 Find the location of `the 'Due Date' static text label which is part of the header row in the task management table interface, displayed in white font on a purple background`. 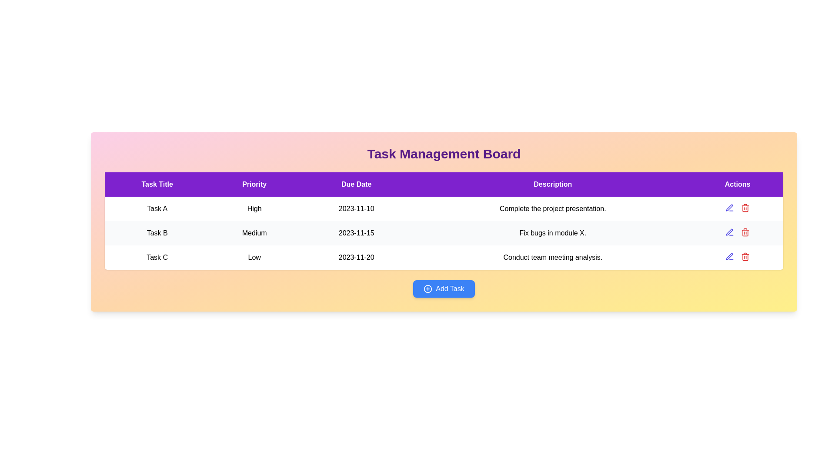

the 'Due Date' static text label which is part of the header row in the task management table interface, displayed in white font on a purple background is located at coordinates (356, 184).